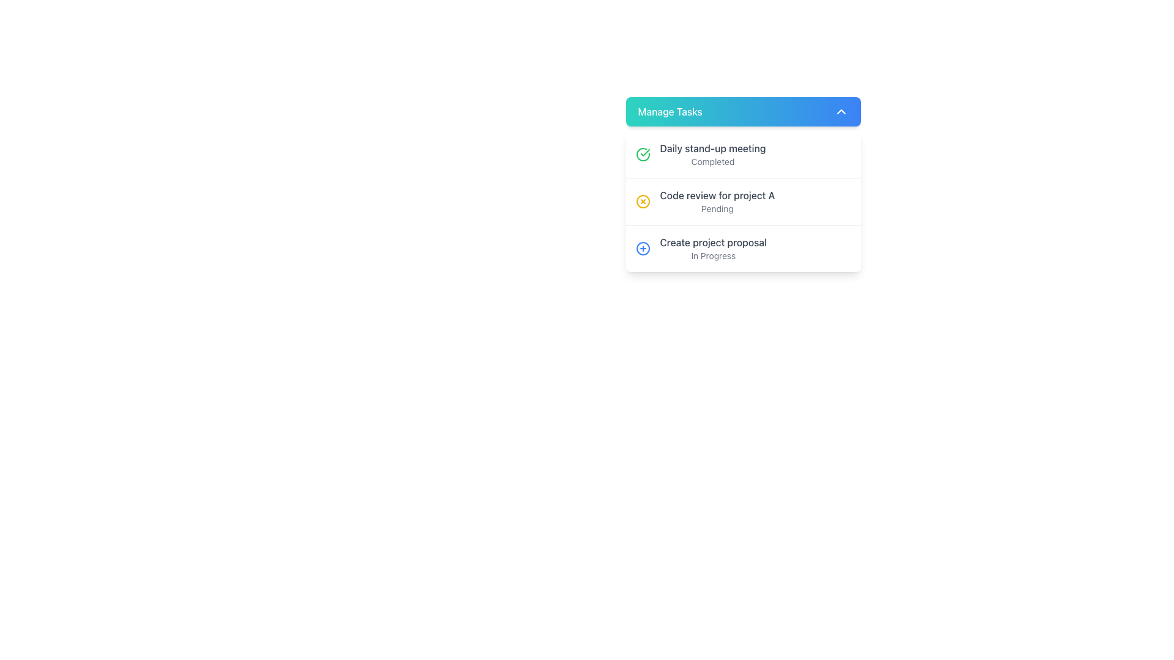 This screenshot has height=660, width=1174. What do you see at coordinates (840, 111) in the screenshot?
I see `the upward chevron icon with a white stroke located in the blue gradient header bar of the 'Manage Tasks' section` at bounding box center [840, 111].